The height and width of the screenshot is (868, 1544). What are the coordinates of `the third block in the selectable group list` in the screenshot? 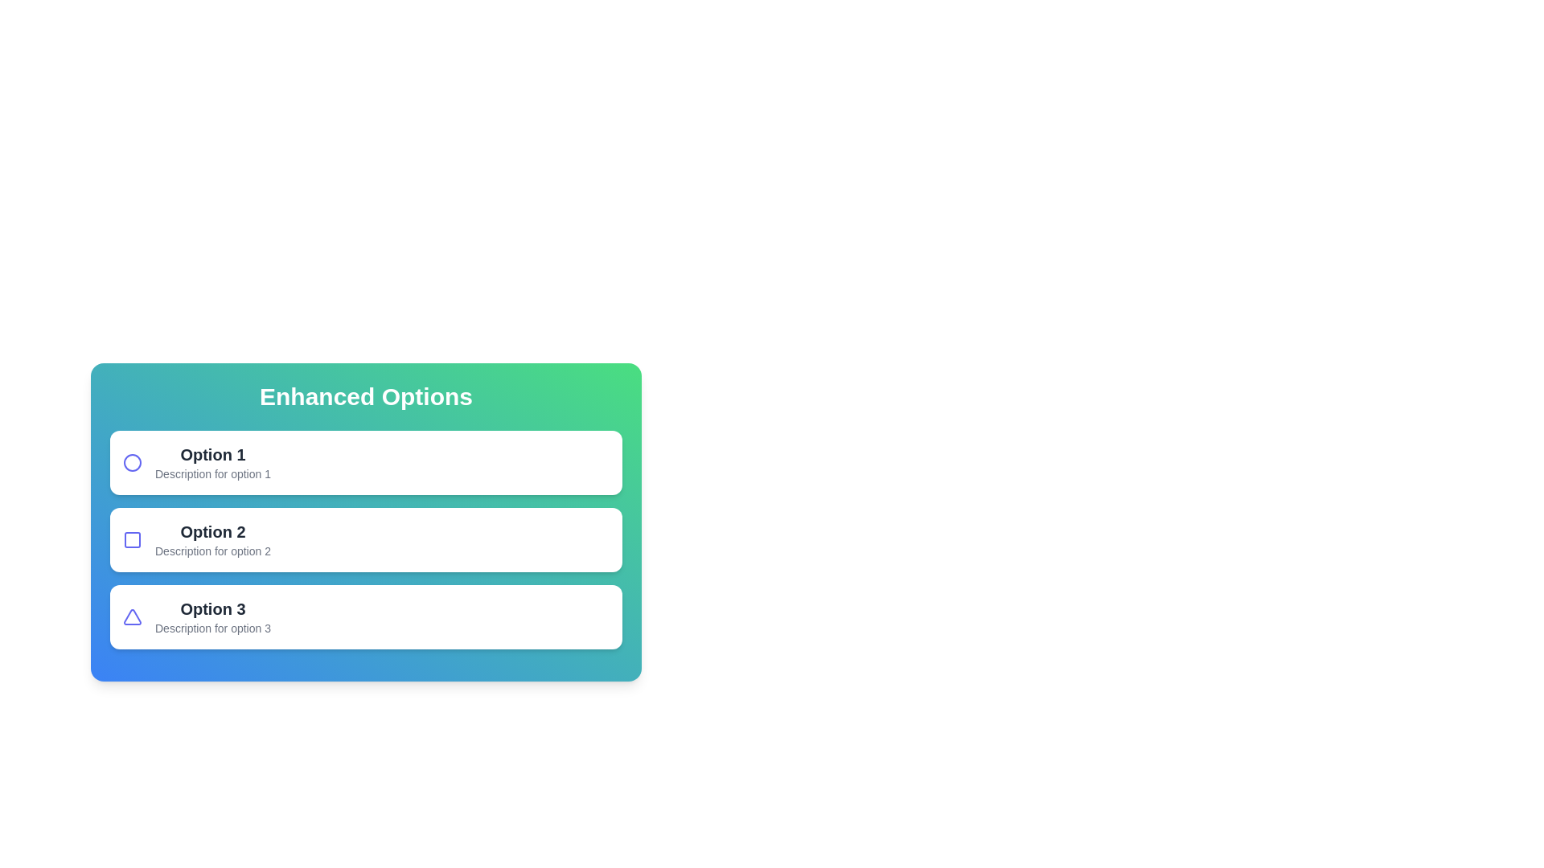 It's located at (365, 616).